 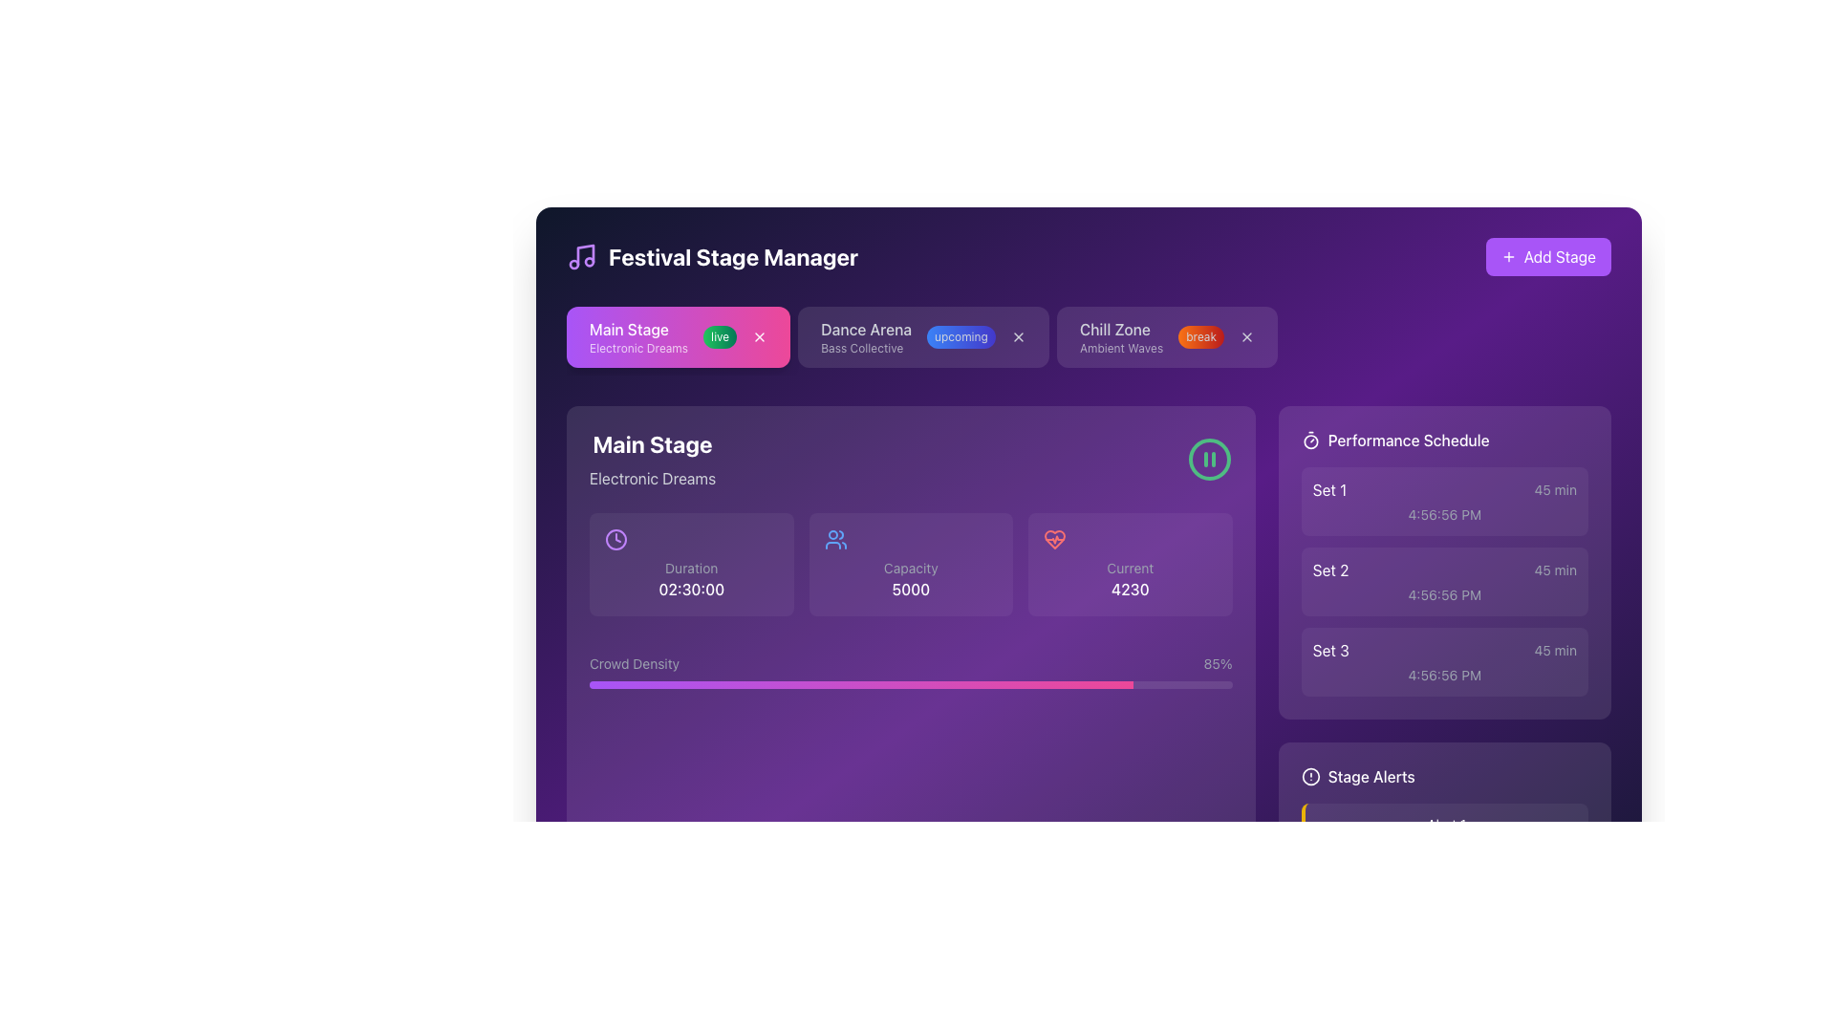 I want to click on the duration information displayed in the text label showing '02:30:00', which is located in the center-left of a card layout, alongside a clock icon and the text 'Duration', so click(x=690, y=589).